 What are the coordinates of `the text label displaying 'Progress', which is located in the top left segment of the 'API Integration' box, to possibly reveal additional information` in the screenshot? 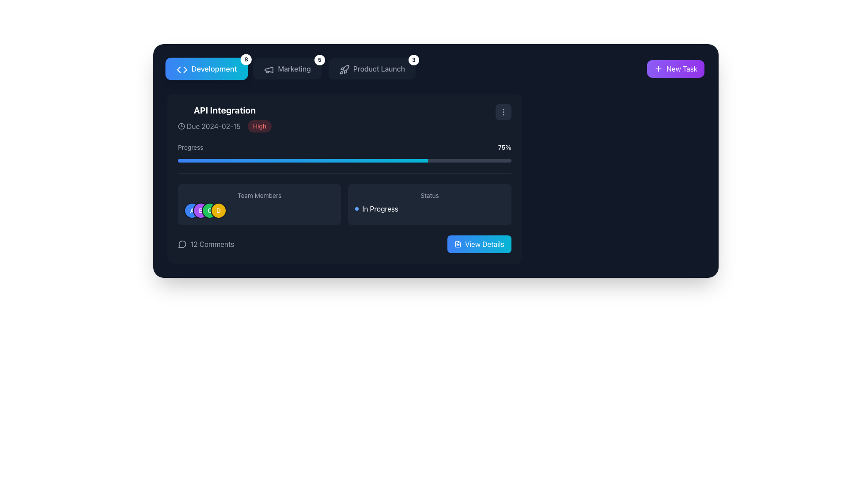 It's located at (190, 147).